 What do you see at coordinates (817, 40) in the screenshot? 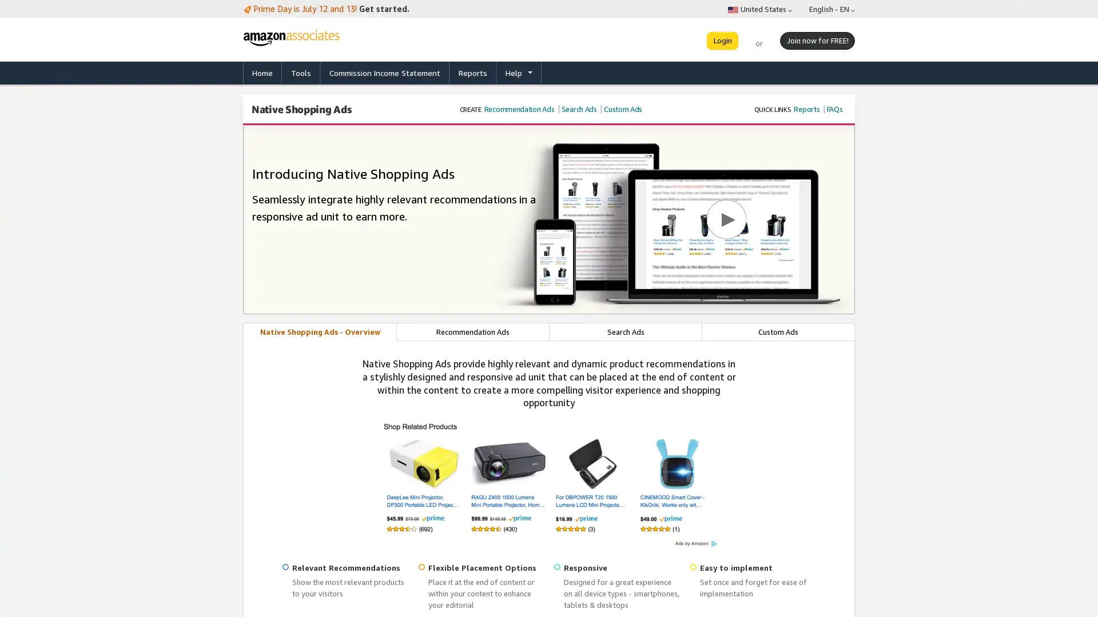
I see `Join now for FREE!` at bounding box center [817, 40].